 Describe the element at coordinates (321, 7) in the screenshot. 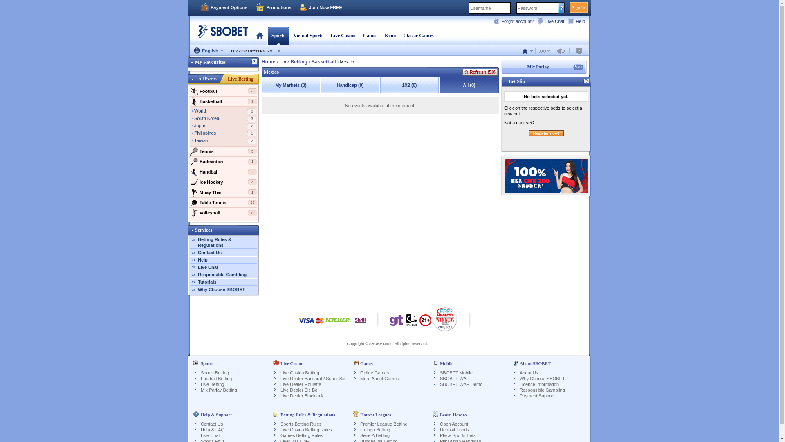

I see `'Join Now FREE'` at that location.